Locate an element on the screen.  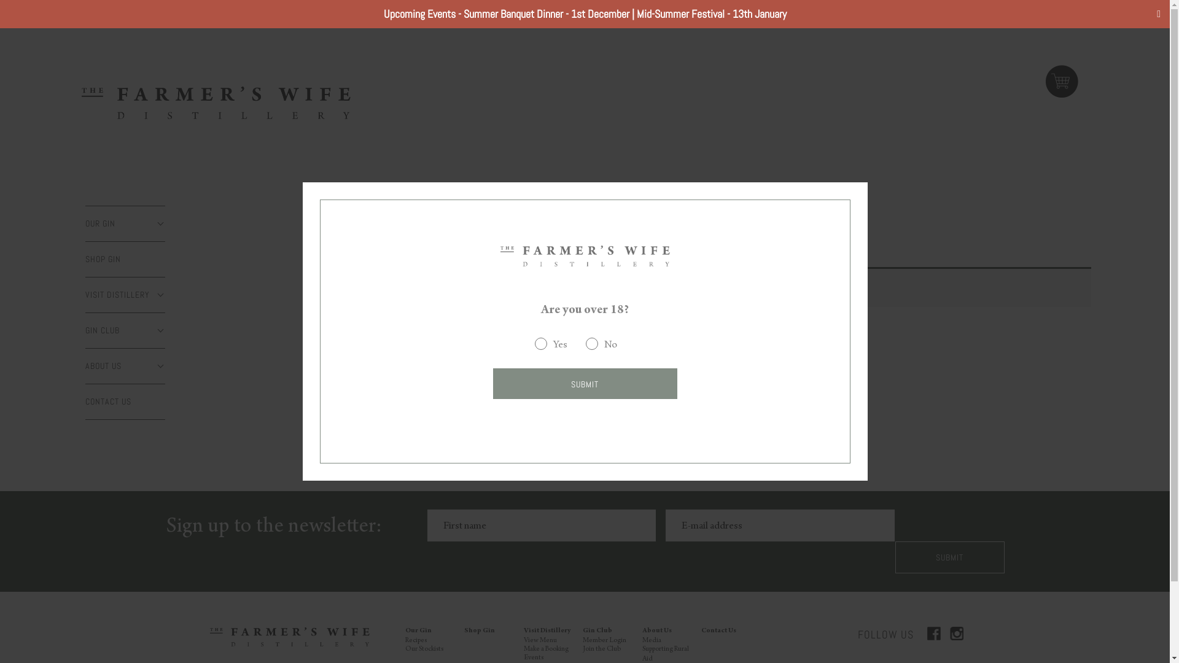
'Submit' is located at coordinates (583, 382).